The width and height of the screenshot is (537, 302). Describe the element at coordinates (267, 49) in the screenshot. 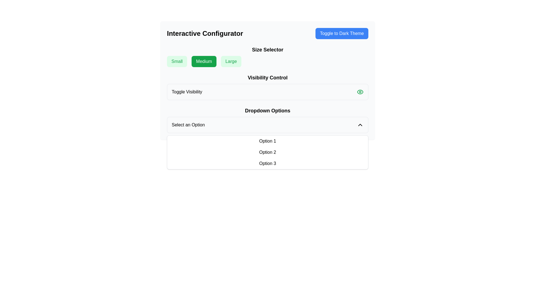

I see `the 'Size Selector' text label, which is a bold and larger font styled element located at the top of the selectable options` at that location.